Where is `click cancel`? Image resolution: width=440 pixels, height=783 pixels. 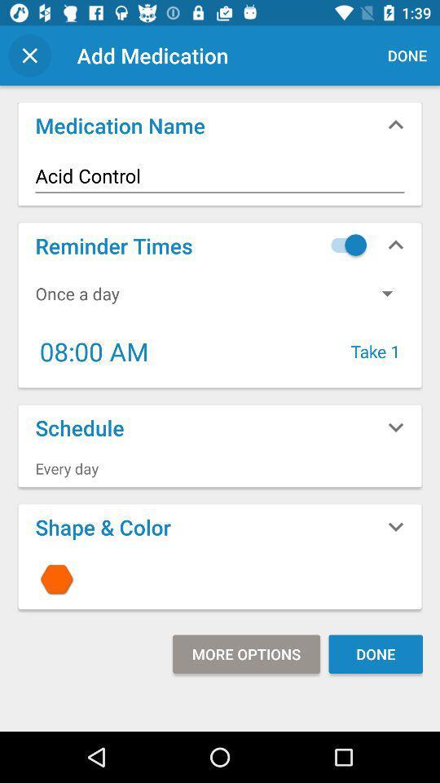 click cancel is located at coordinates (29, 55).